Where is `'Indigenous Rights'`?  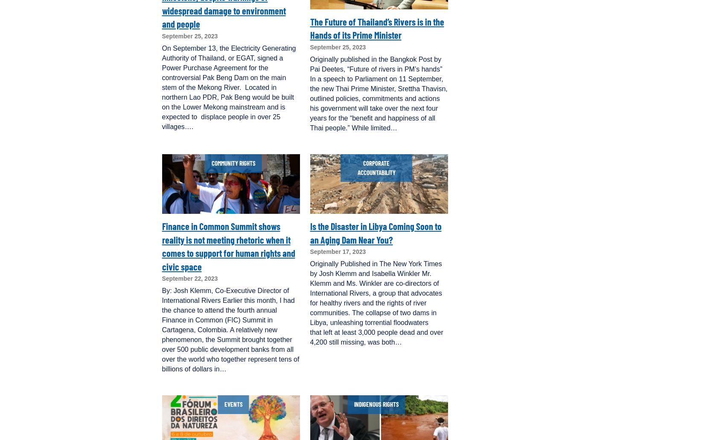 'Indigenous Rights' is located at coordinates (376, 404).